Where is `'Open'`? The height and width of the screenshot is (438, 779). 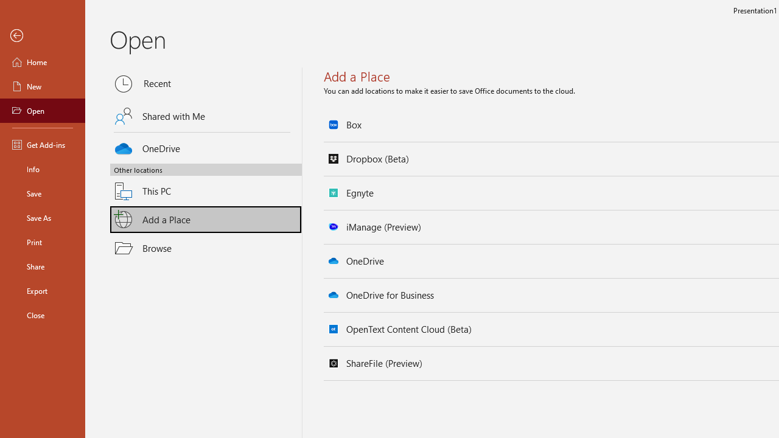 'Open' is located at coordinates (42, 111).